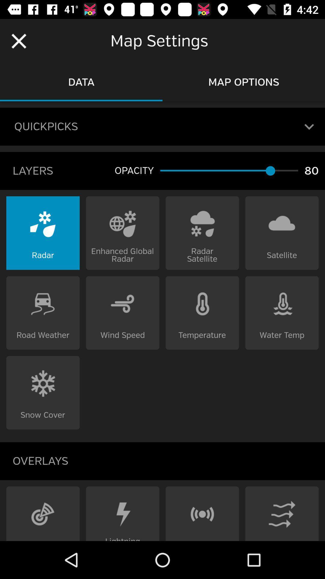 This screenshot has width=325, height=579. I want to click on the expand_more icon, so click(309, 126).